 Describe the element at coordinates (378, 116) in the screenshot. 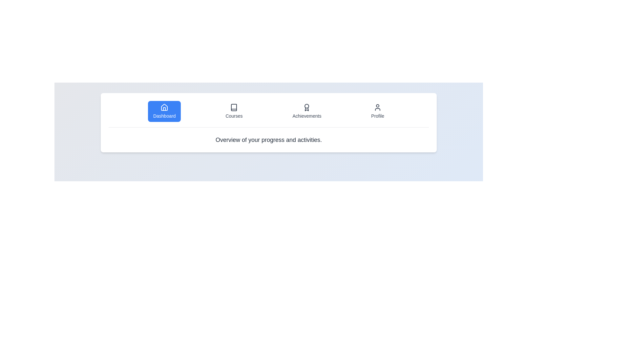

I see `'Profile' label located in the navigation bar, which is styled in a regular font and positioned below a user silhouette icon` at that location.